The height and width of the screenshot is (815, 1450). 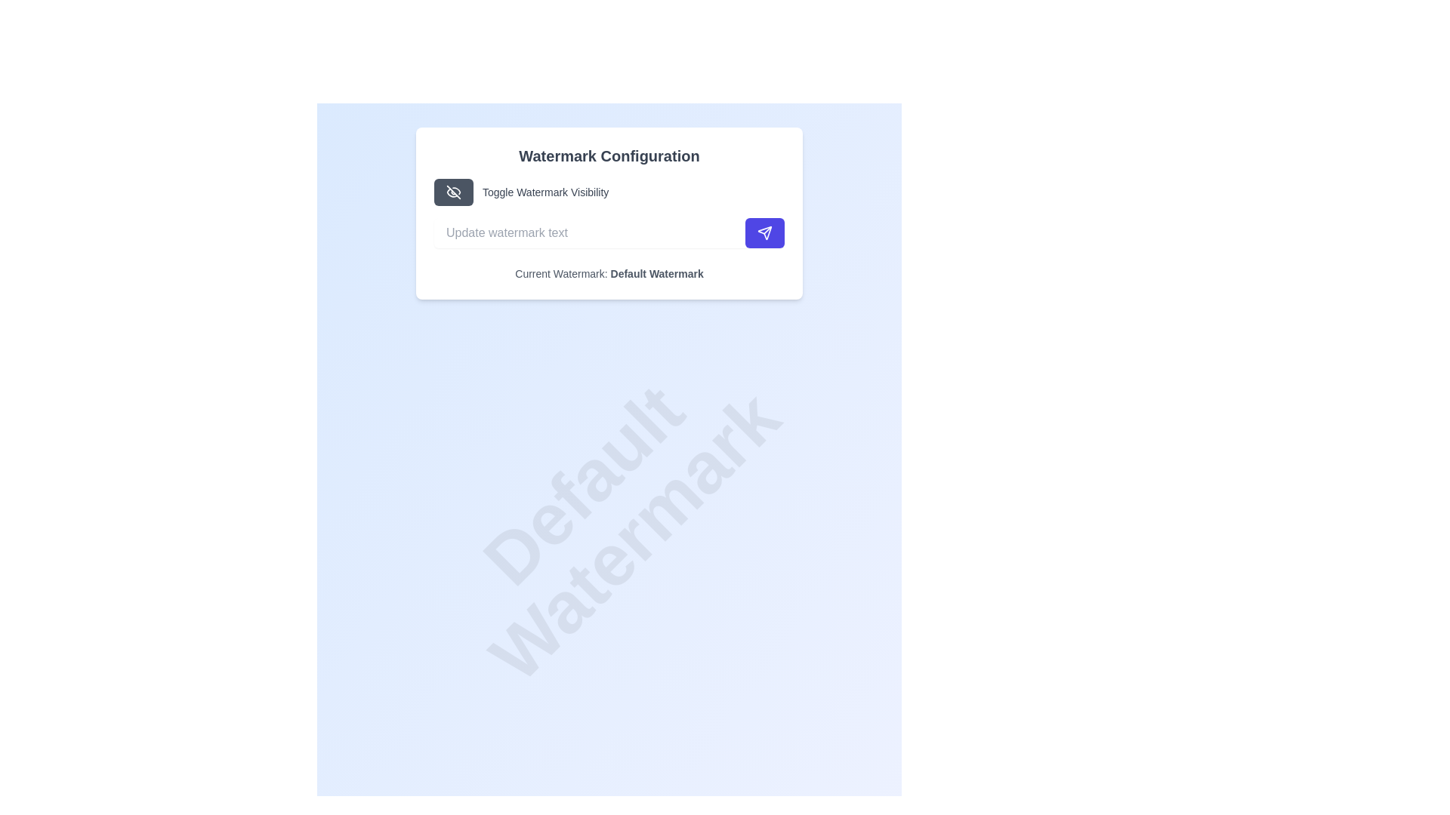 What do you see at coordinates (609, 191) in the screenshot?
I see `the dark gray button in the 'Watermark Configuration' card` at bounding box center [609, 191].